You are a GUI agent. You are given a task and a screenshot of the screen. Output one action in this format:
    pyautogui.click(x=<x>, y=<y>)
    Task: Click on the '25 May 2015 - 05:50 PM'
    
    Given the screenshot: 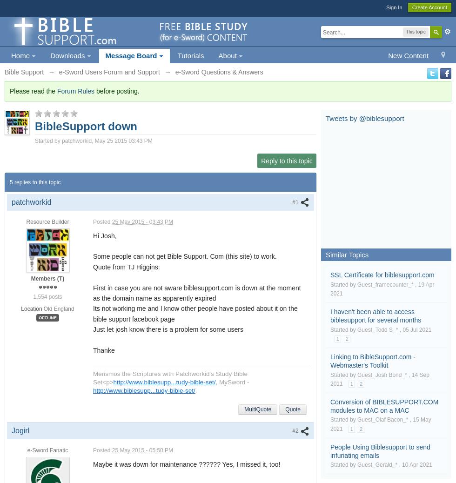 What is the action you would take?
    pyautogui.click(x=142, y=450)
    